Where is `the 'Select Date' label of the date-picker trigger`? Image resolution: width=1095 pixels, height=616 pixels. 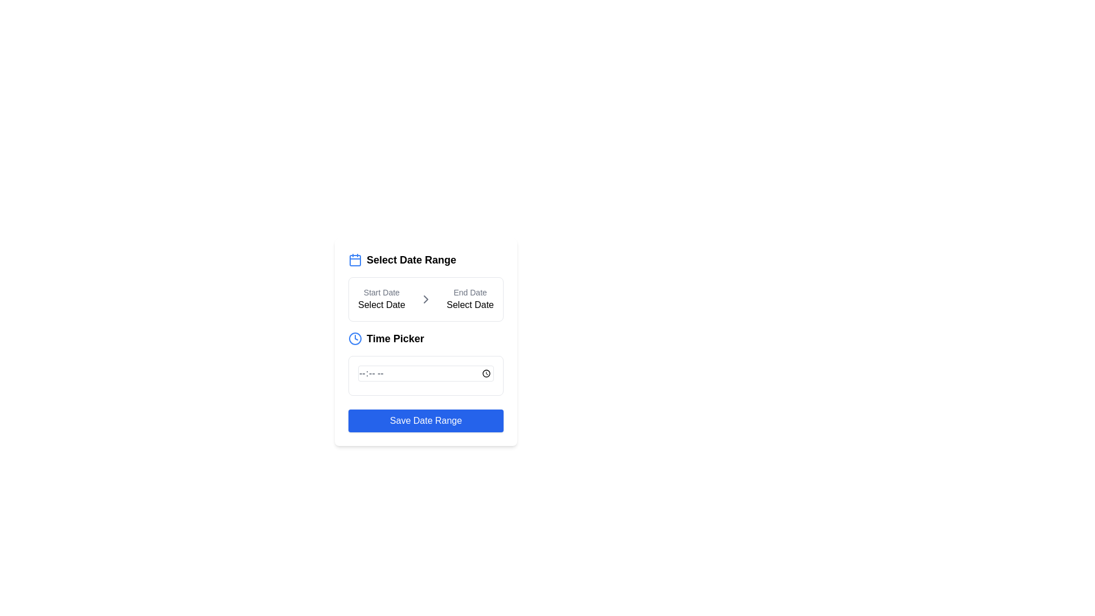
the 'Select Date' label of the date-picker trigger is located at coordinates (382, 298).